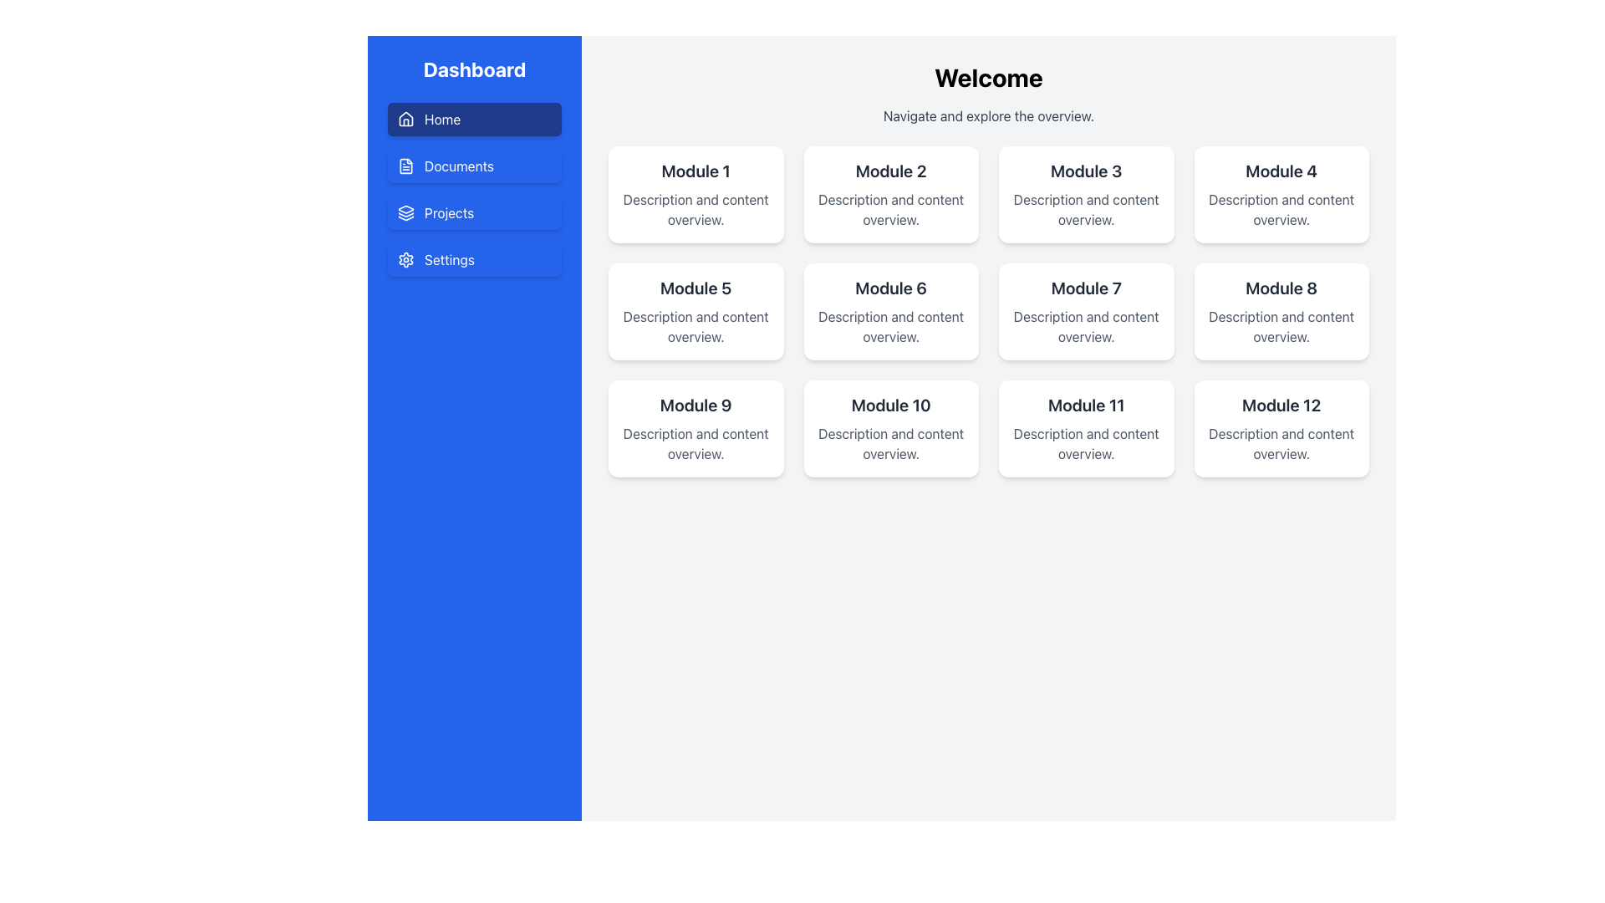  I want to click on the topmost navigation button in the sidebar, so click(473, 118).